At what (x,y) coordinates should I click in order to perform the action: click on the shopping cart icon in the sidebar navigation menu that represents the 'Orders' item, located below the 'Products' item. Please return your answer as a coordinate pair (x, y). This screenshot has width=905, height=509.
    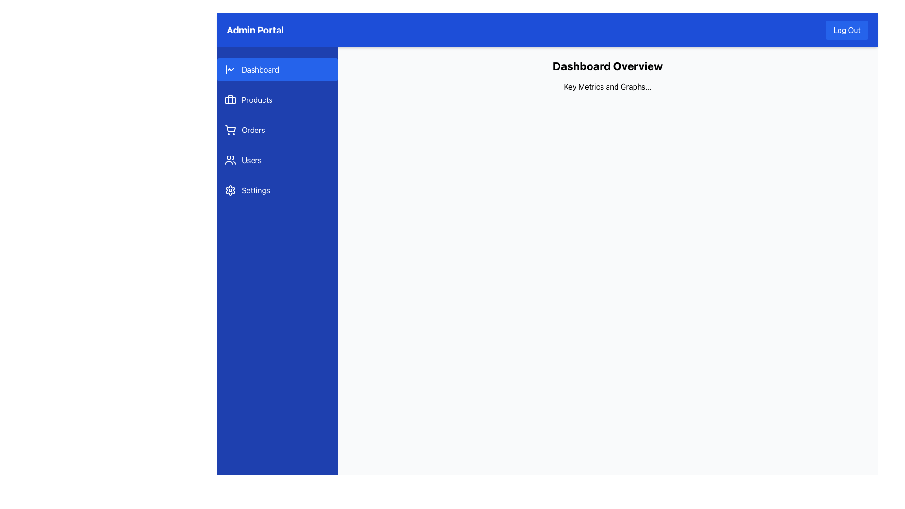
    Looking at the image, I should click on (230, 130).